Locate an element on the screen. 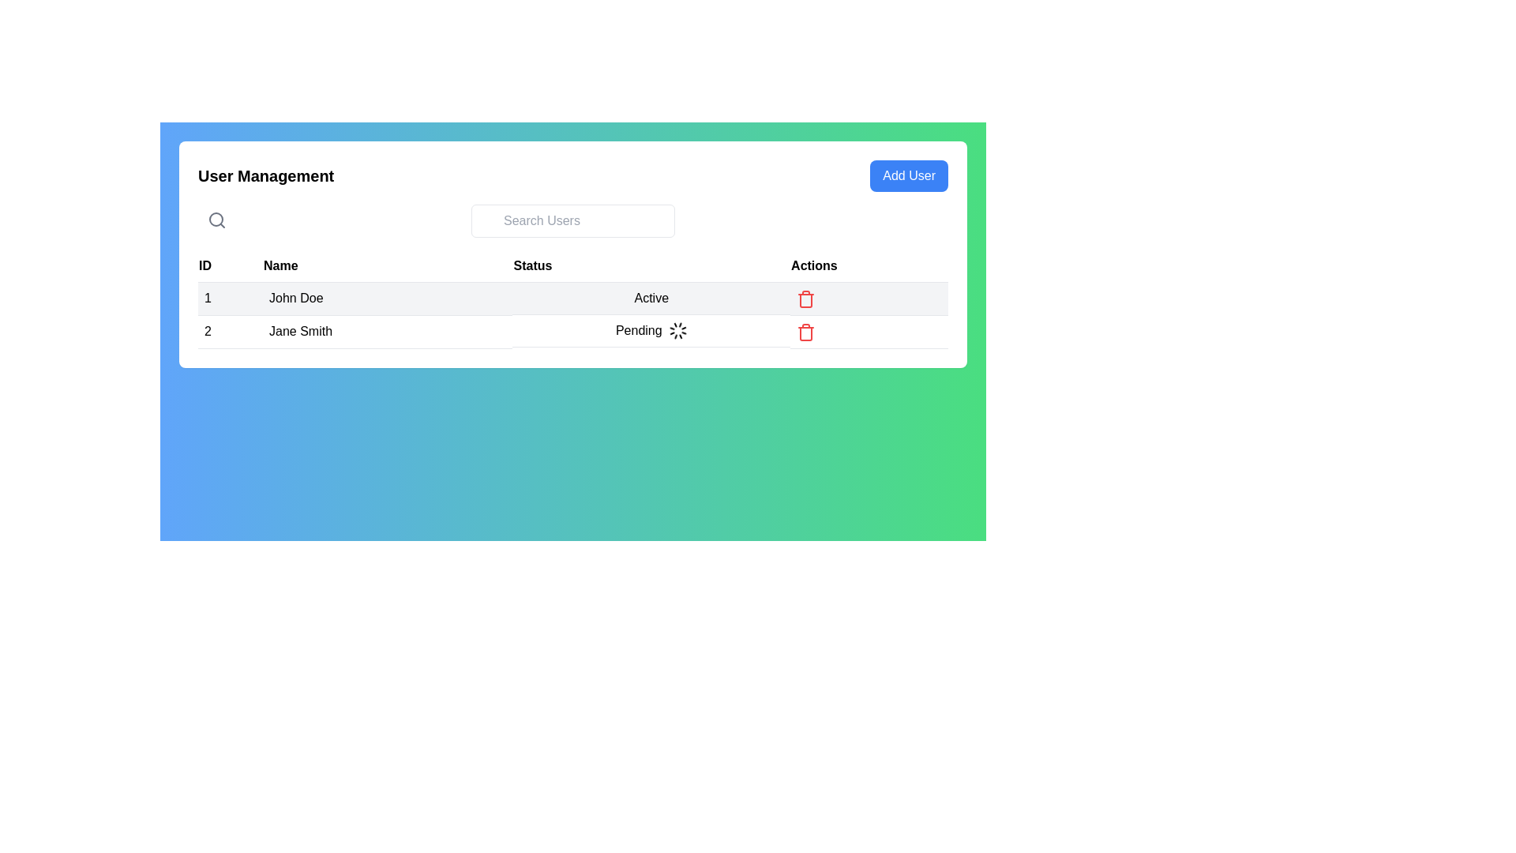 The width and height of the screenshot is (1516, 853). the text input search field located beneath the 'User Management' header to focus it for user query input is located at coordinates (572, 221).